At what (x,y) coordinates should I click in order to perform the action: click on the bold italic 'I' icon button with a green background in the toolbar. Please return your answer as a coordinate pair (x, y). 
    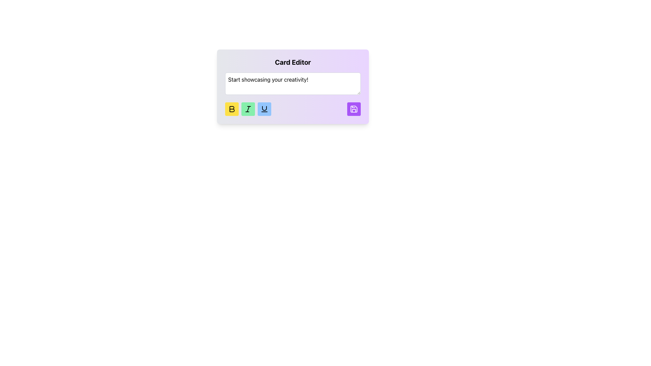
    Looking at the image, I should click on (248, 108).